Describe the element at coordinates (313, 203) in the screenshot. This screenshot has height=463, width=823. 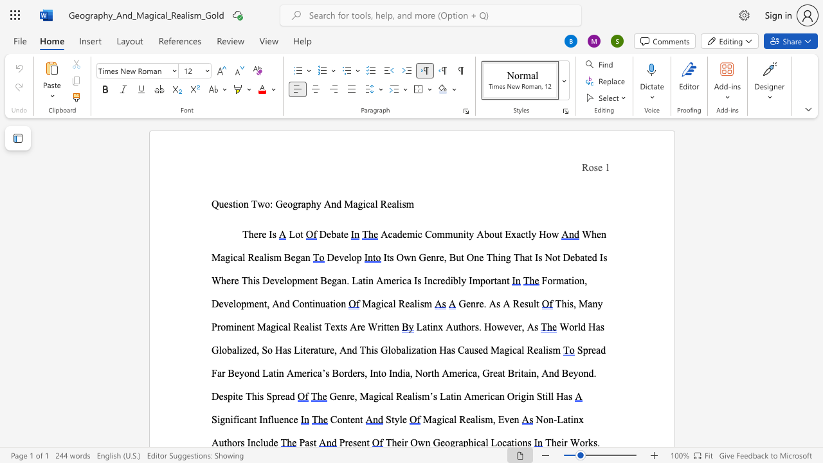
I see `the 1th character "h" in the text` at that location.